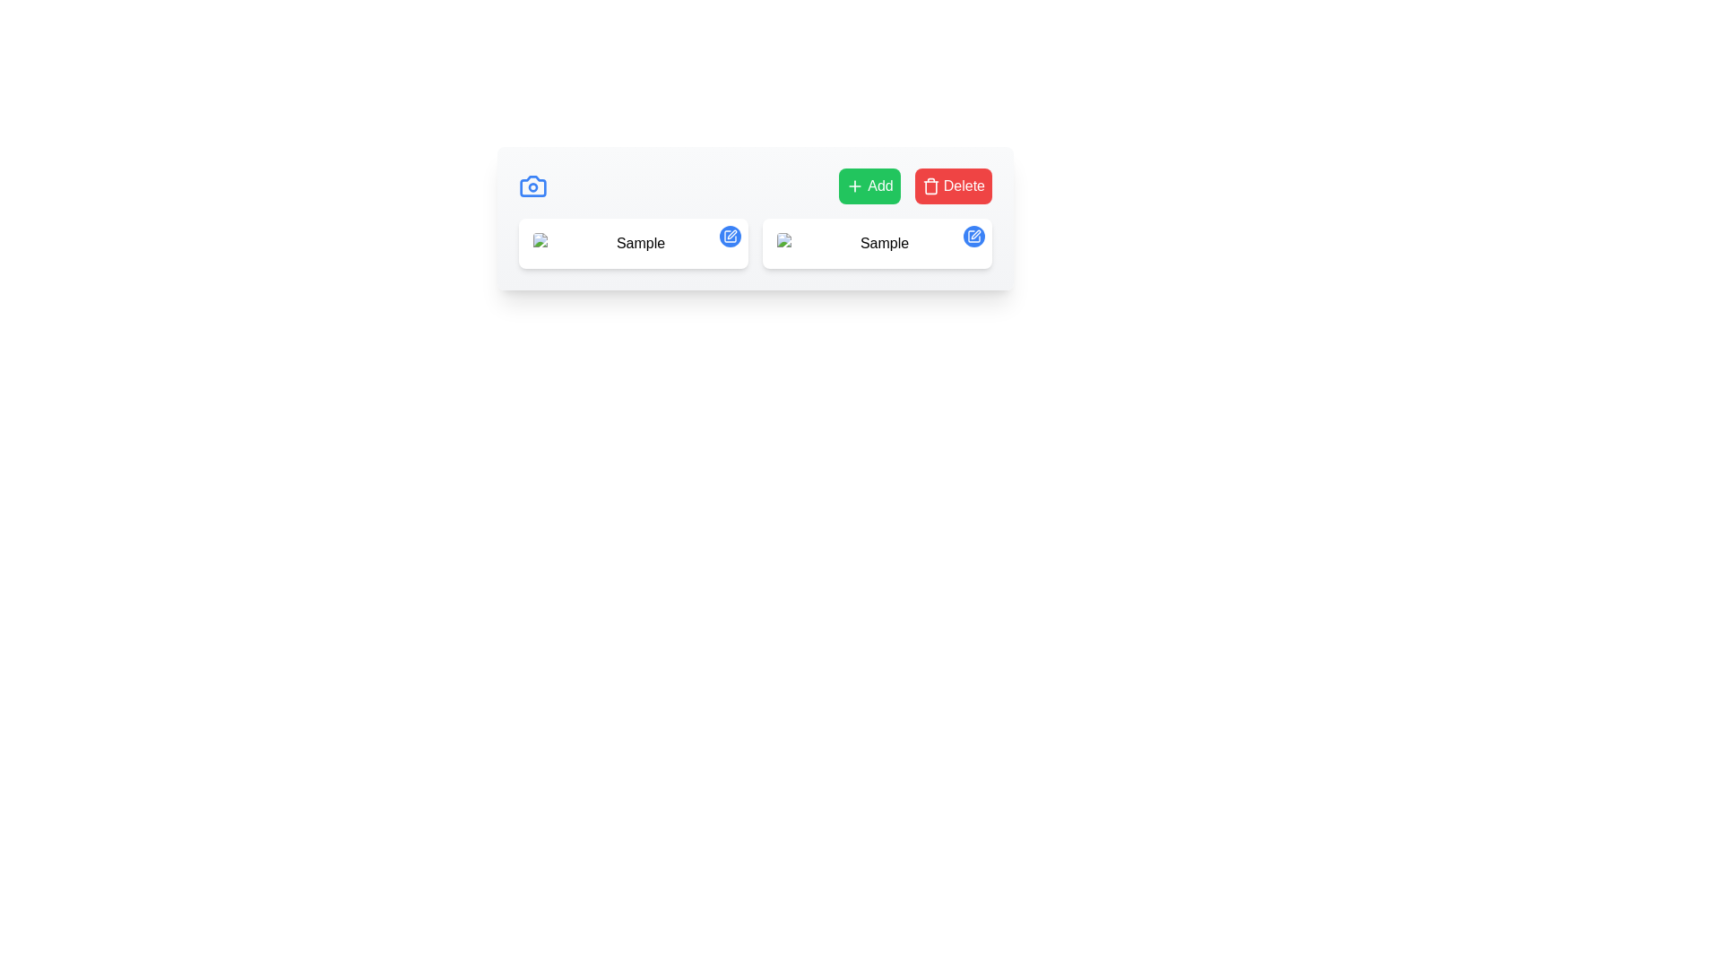 This screenshot has width=1721, height=968. I want to click on the SVG icon representing a pen or edit functionality, which is styled with a simple outline and located near the upper-right side of the interface, so click(975, 234).